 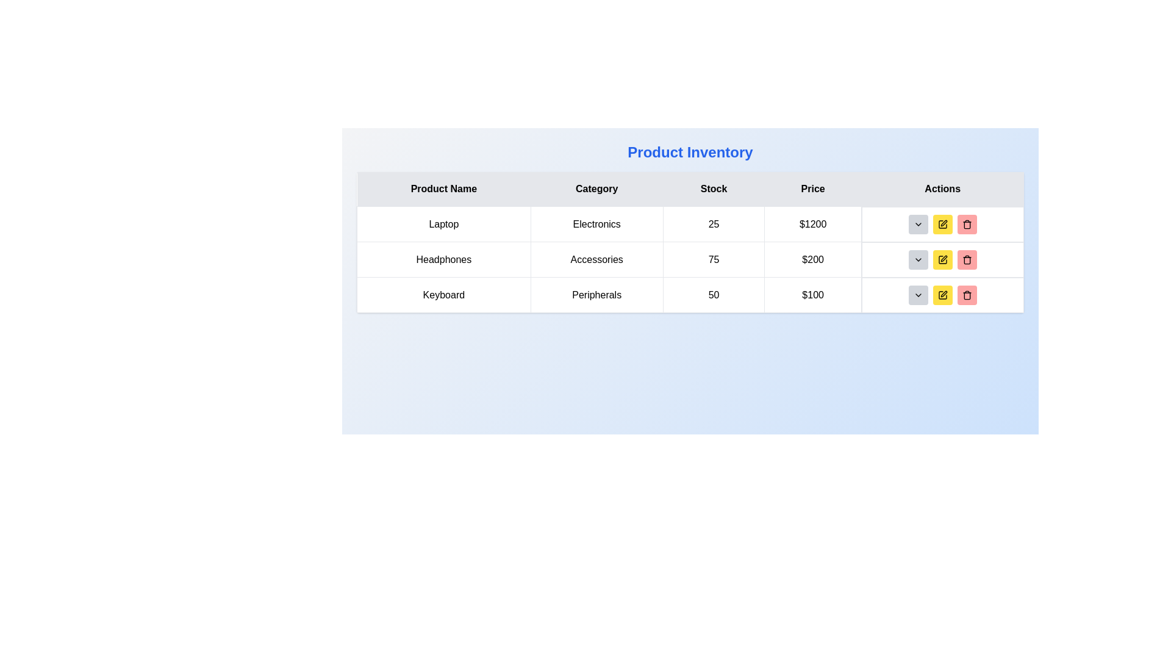 I want to click on the 'Product Name' text label in the header row of the table, which is the first item and has a light gray background, so click(x=443, y=189).